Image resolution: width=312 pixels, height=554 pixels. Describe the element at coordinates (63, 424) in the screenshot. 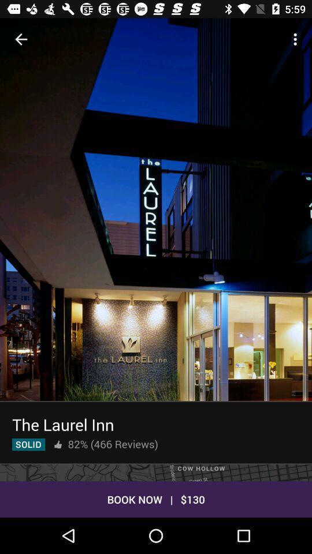

I see `the the laurel inn` at that location.